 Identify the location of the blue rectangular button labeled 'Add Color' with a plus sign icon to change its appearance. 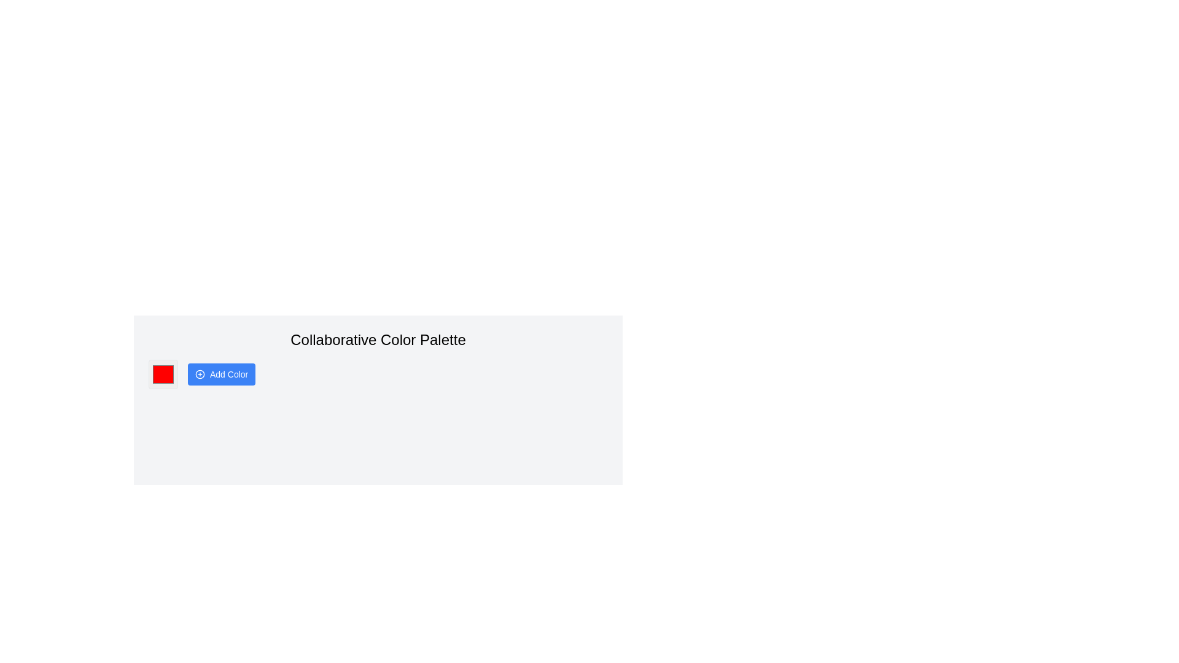
(222, 373).